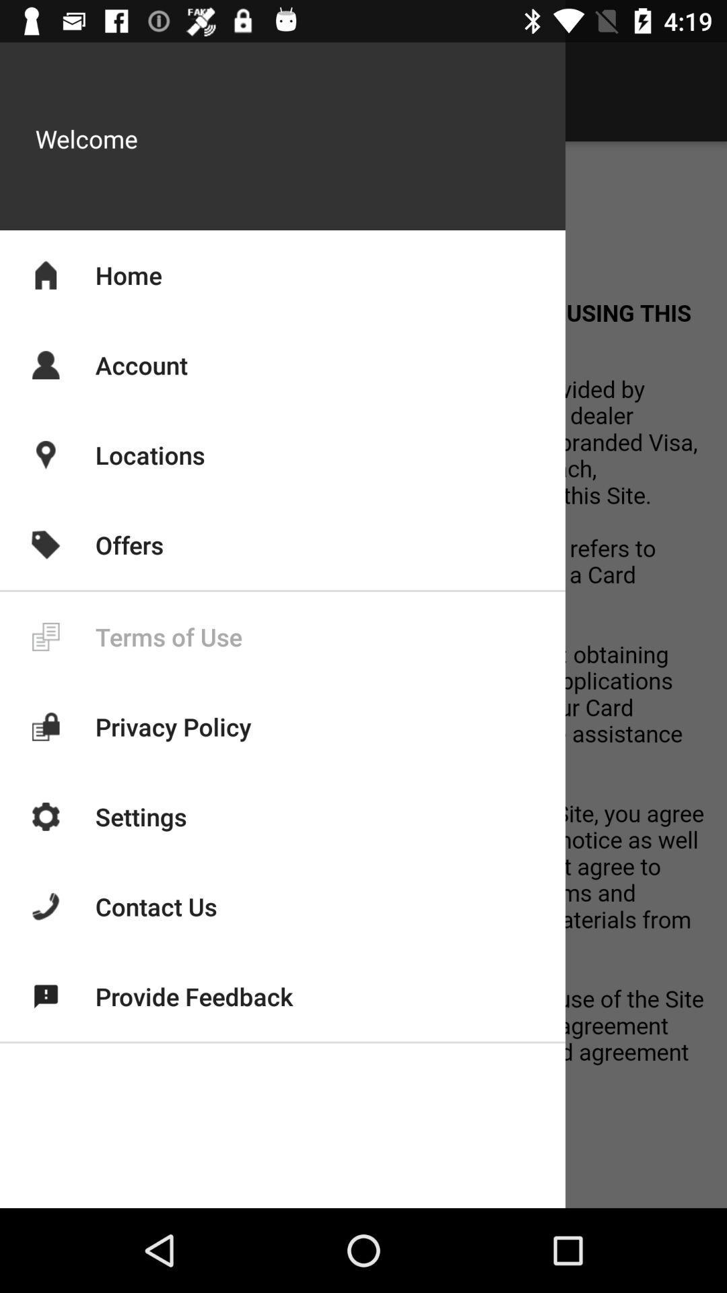 This screenshot has height=1293, width=727. I want to click on the home icon, so click(45, 274).